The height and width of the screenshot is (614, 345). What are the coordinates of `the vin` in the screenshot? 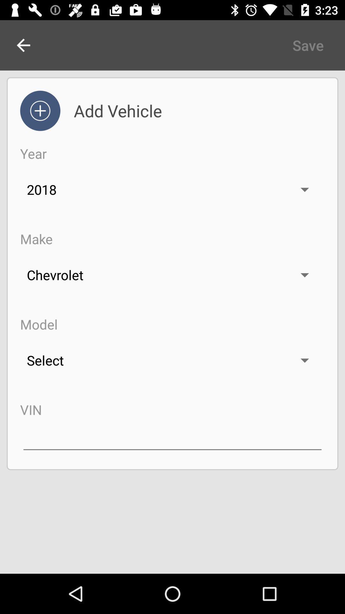 It's located at (172, 437).